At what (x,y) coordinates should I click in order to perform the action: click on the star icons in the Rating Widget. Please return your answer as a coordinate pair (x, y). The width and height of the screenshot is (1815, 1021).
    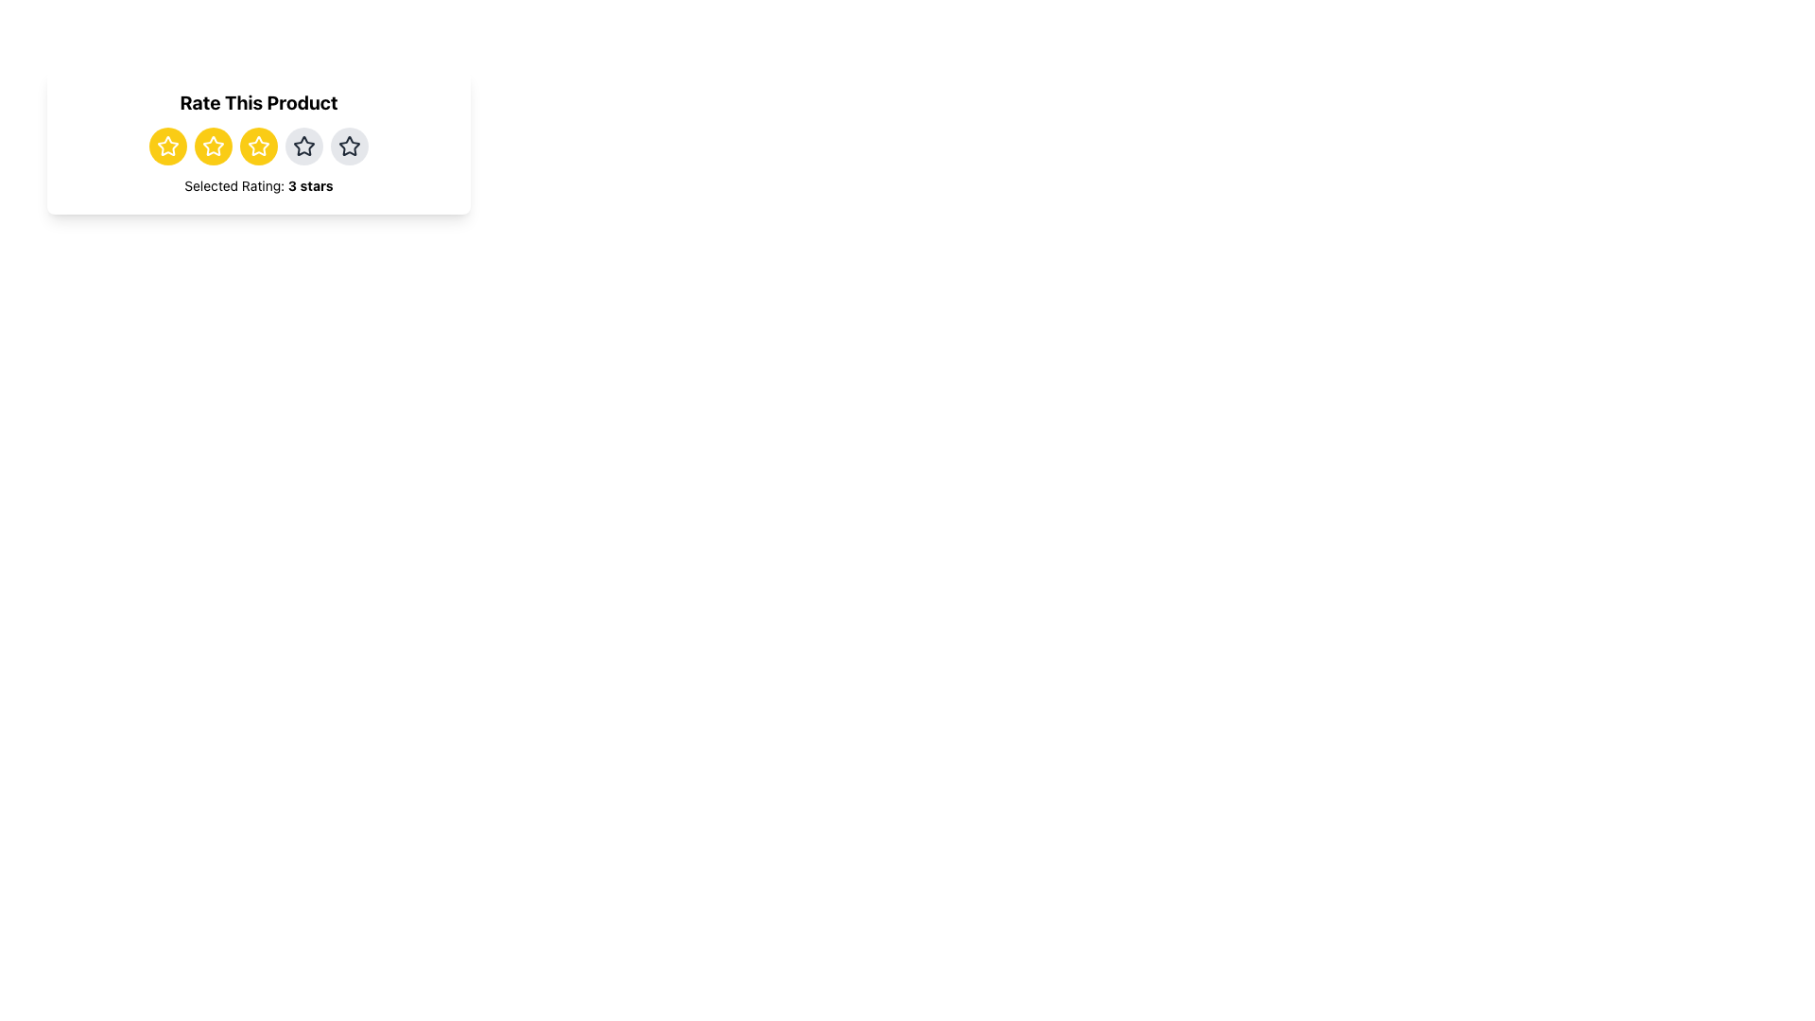
    Looking at the image, I should click on (257, 141).